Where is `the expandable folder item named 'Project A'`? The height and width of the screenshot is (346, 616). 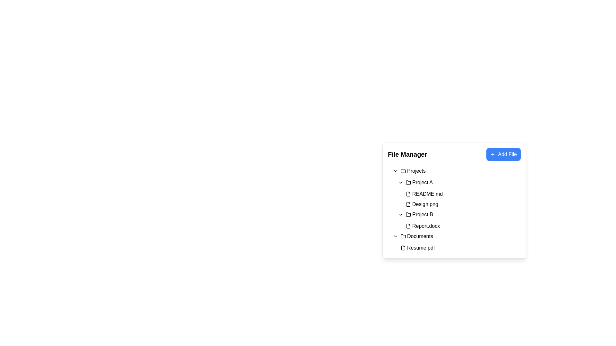 the expandable folder item named 'Project A' is located at coordinates (459, 183).